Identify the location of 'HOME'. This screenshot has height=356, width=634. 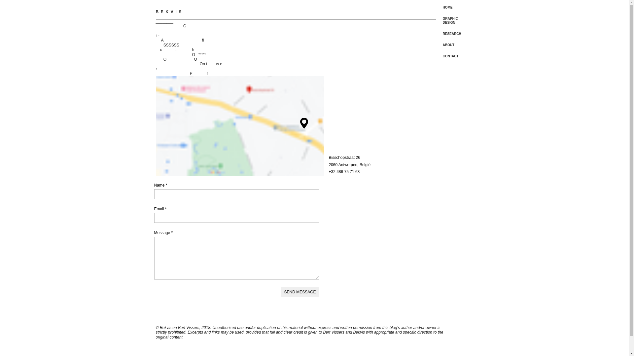
(451, 8).